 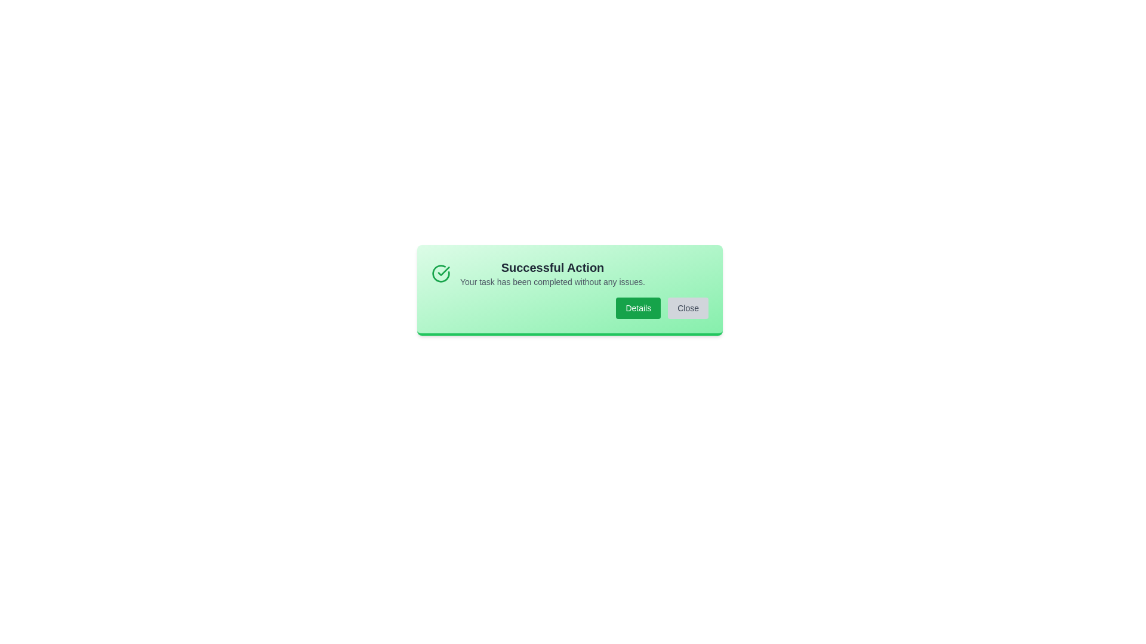 I want to click on the 'Close' button to dismiss the alert, so click(x=688, y=307).